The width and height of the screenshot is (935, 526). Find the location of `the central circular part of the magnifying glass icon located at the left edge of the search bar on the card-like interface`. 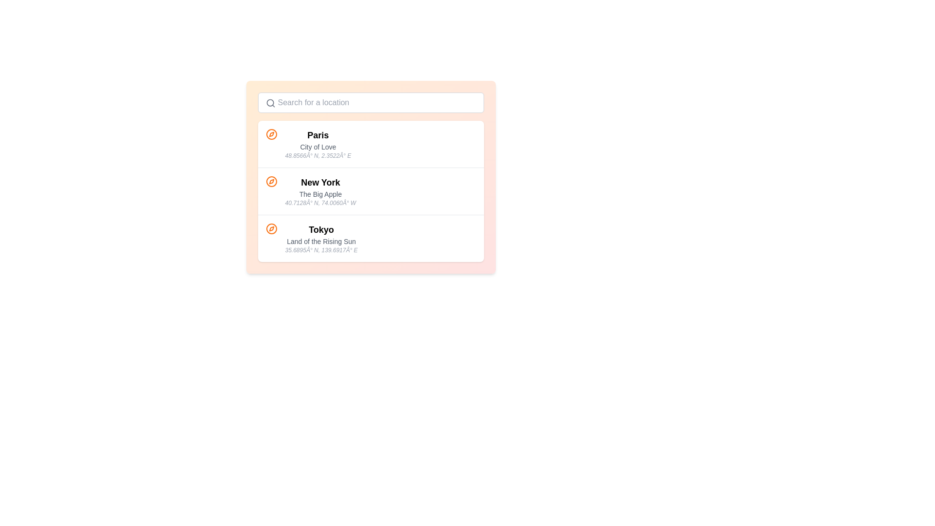

the central circular part of the magnifying glass icon located at the left edge of the search bar on the card-like interface is located at coordinates (270, 103).